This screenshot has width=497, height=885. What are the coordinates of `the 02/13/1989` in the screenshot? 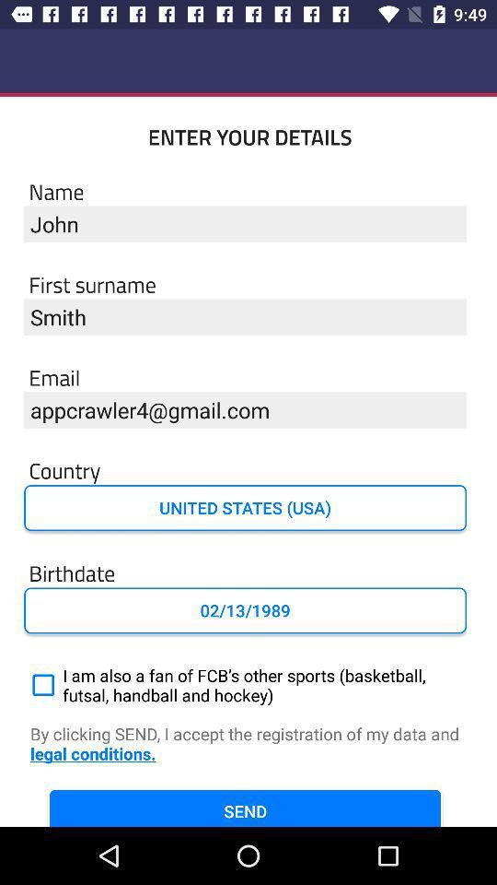 It's located at (245, 610).